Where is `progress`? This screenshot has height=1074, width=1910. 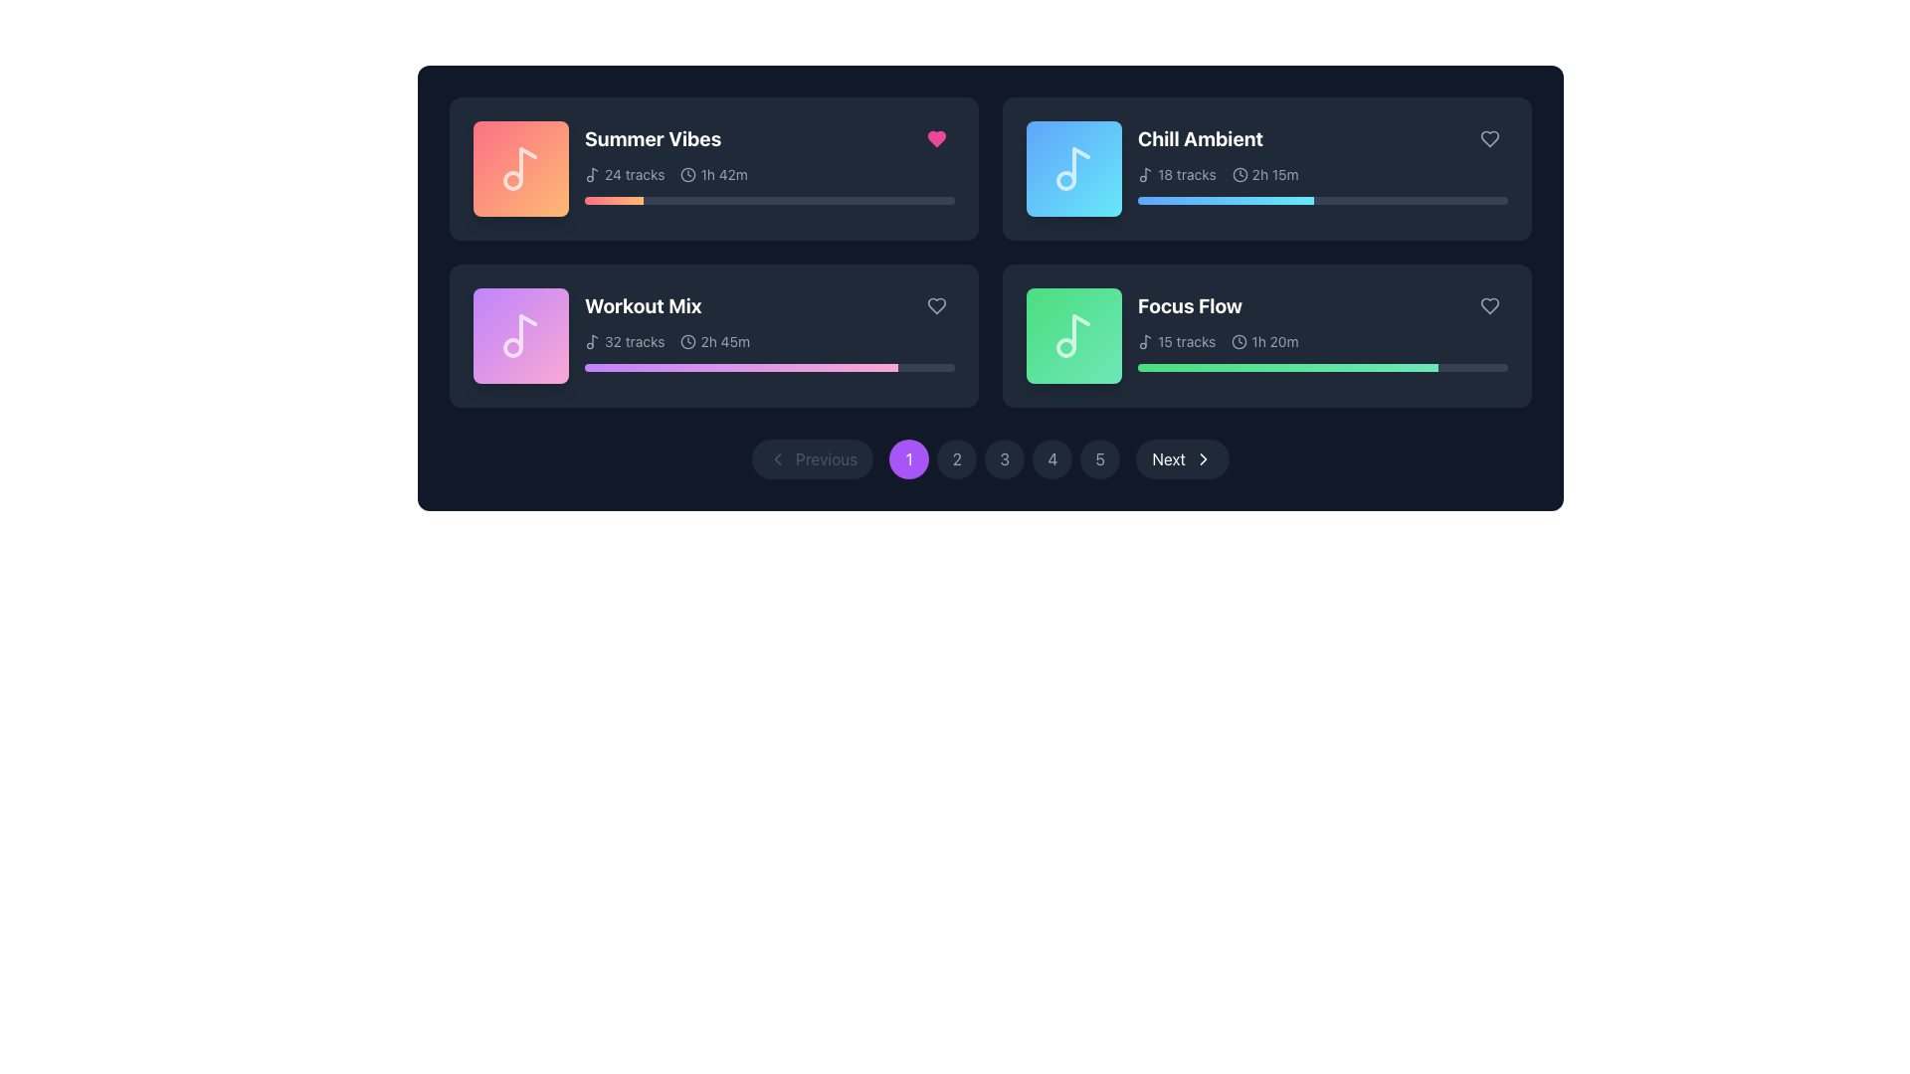
progress is located at coordinates (706, 368).